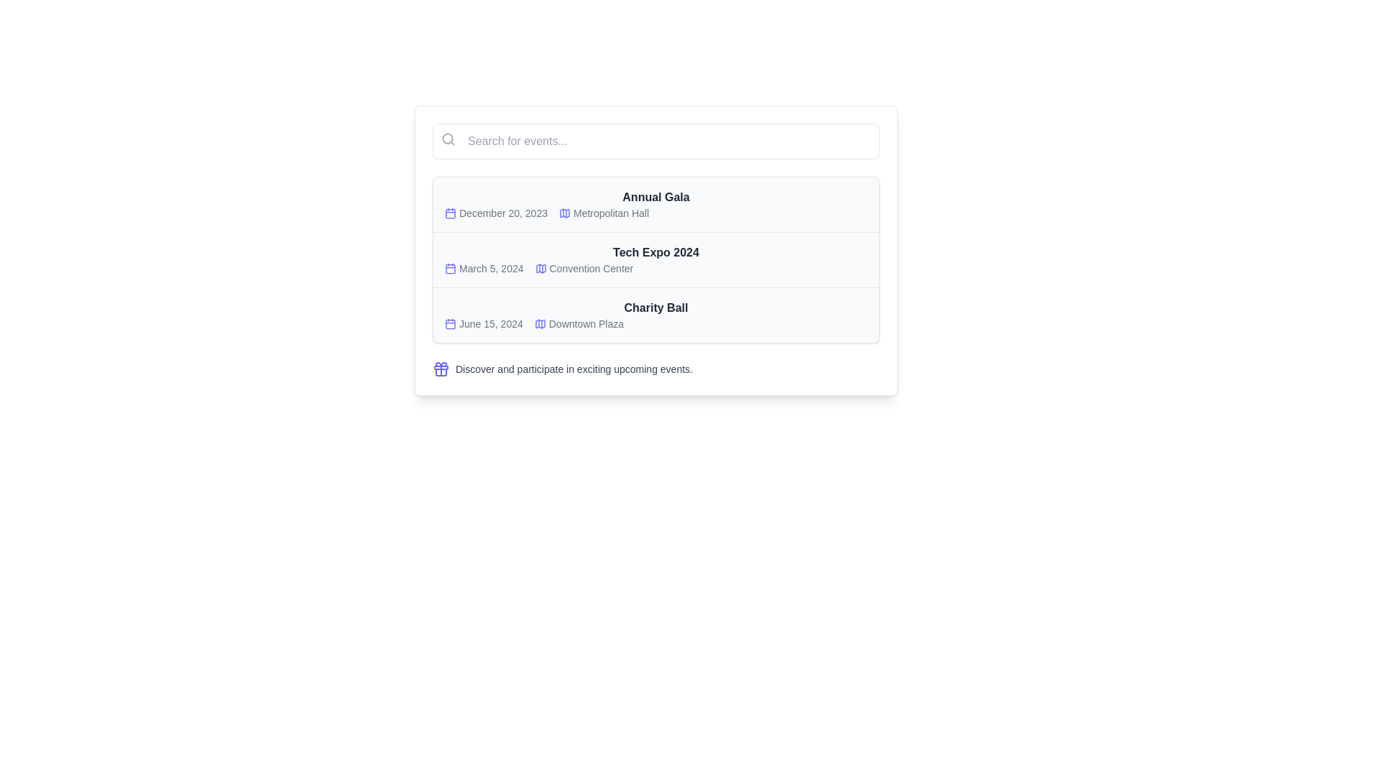  I want to click on the icon representing 'Downtown Plaza' located next to the date 'June 15, 2024' in the events list, so click(539, 324).